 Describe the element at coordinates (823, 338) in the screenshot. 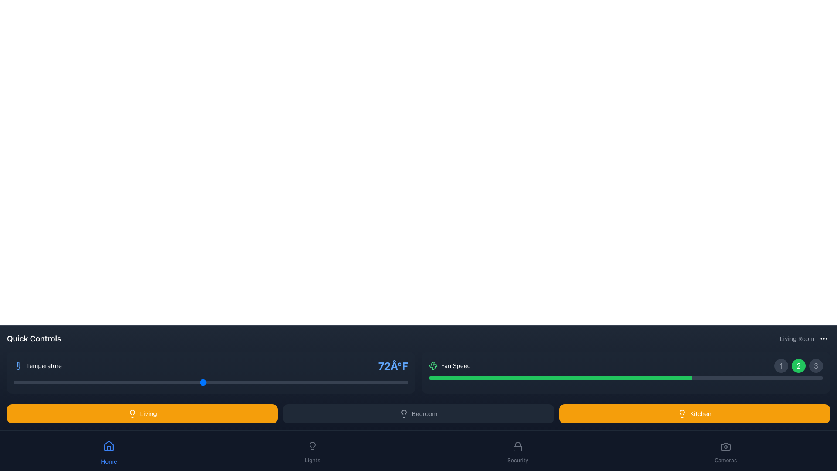

I see `the Icon Button located at the top-right corner of the 'Living Room' section` at that location.